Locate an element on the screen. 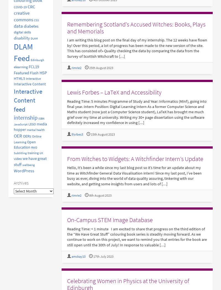 The height and width of the screenshot is (290, 221). 'DLAM' is located at coordinates (34, 38).